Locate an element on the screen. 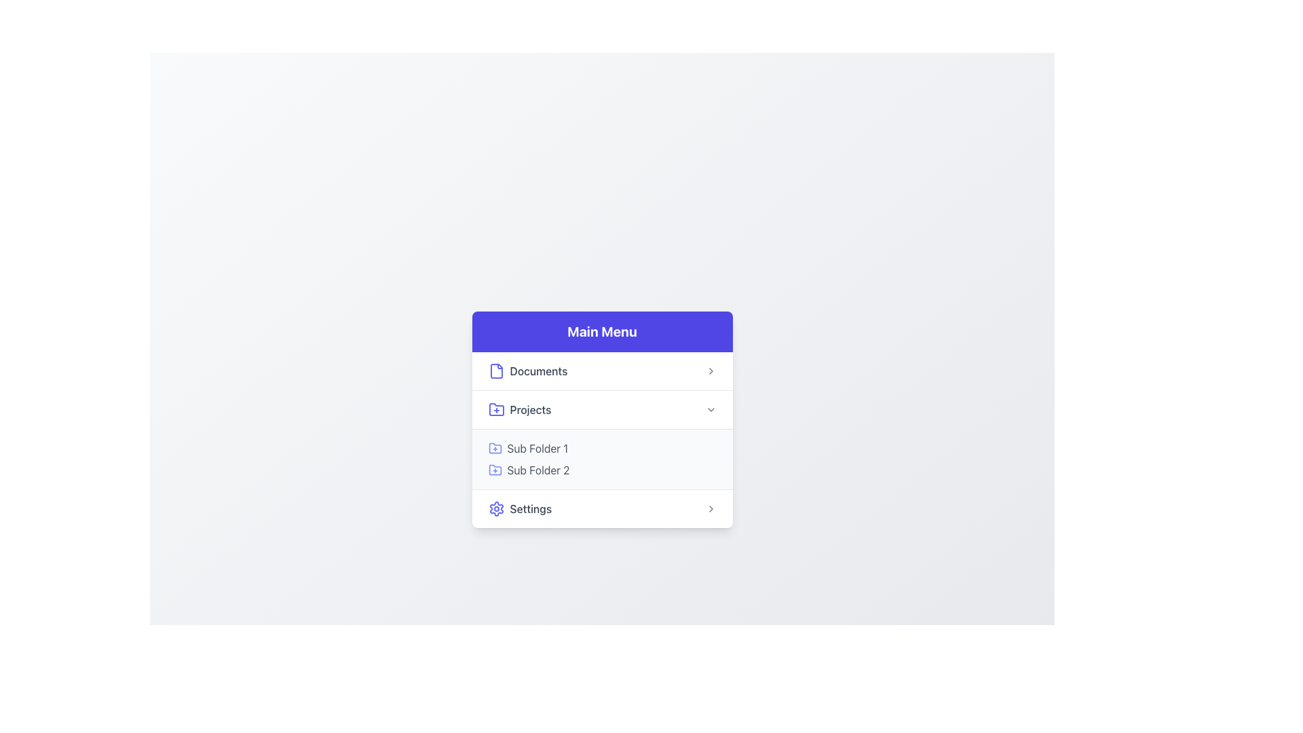 This screenshot has height=733, width=1303. the chevron icon located to the far right of the 'Projects' menu item is located at coordinates (710, 409).